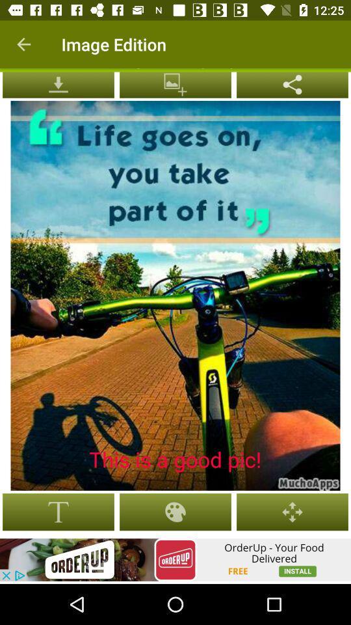  I want to click on the explore icon, so click(292, 83).